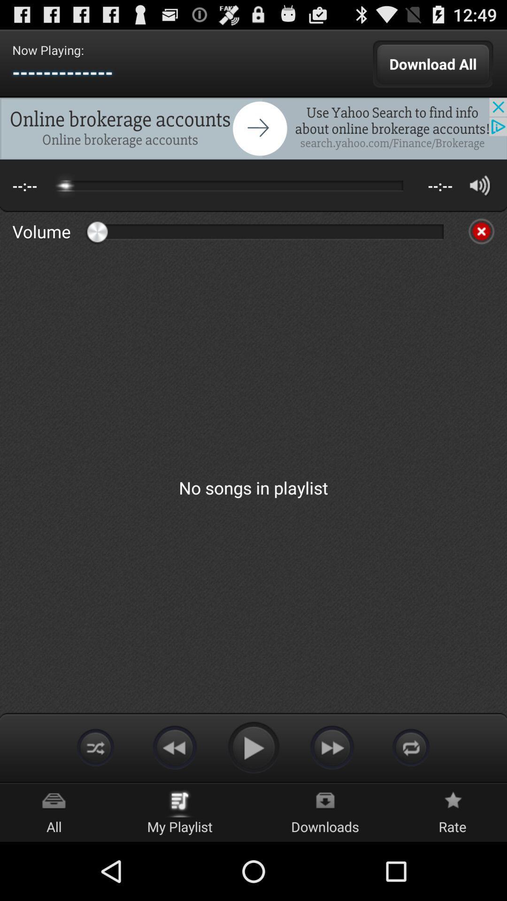 The height and width of the screenshot is (901, 507). What do you see at coordinates (480, 198) in the screenshot?
I see `the volume icon` at bounding box center [480, 198].